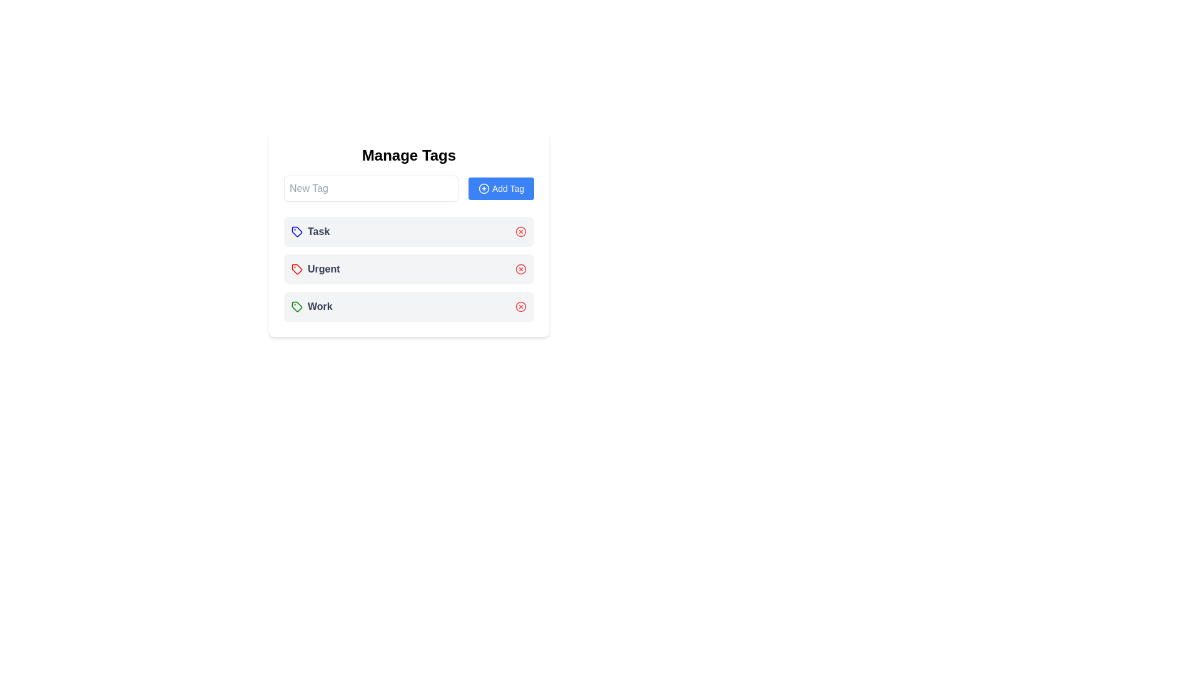  What do you see at coordinates (296, 306) in the screenshot?
I see `the decorative icon representing a tag or label adjacent to the 'Task' label in the 'Manage Tags' section, which is the first icon in the list` at bounding box center [296, 306].